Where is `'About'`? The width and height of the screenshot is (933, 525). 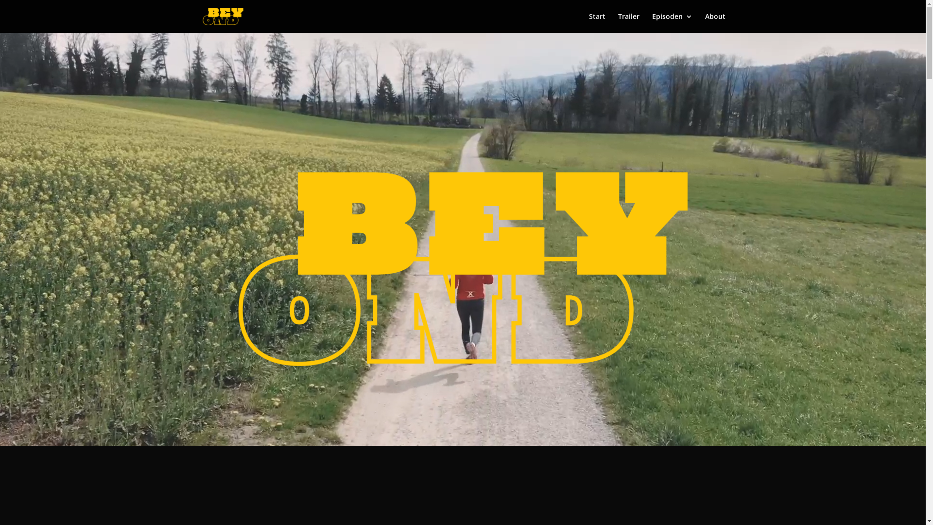 'About' is located at coordinates (704, 22).